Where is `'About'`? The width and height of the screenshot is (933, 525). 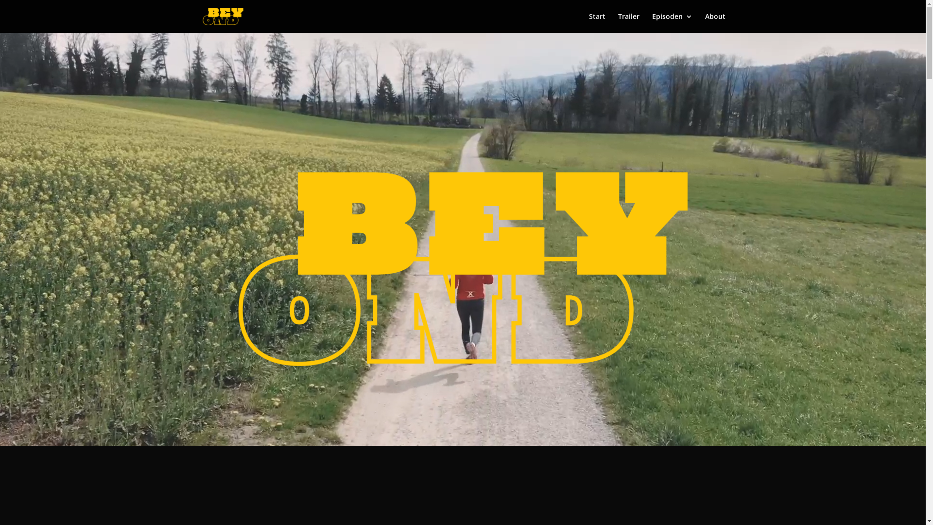 'About' is located at coordinates (704, 22).